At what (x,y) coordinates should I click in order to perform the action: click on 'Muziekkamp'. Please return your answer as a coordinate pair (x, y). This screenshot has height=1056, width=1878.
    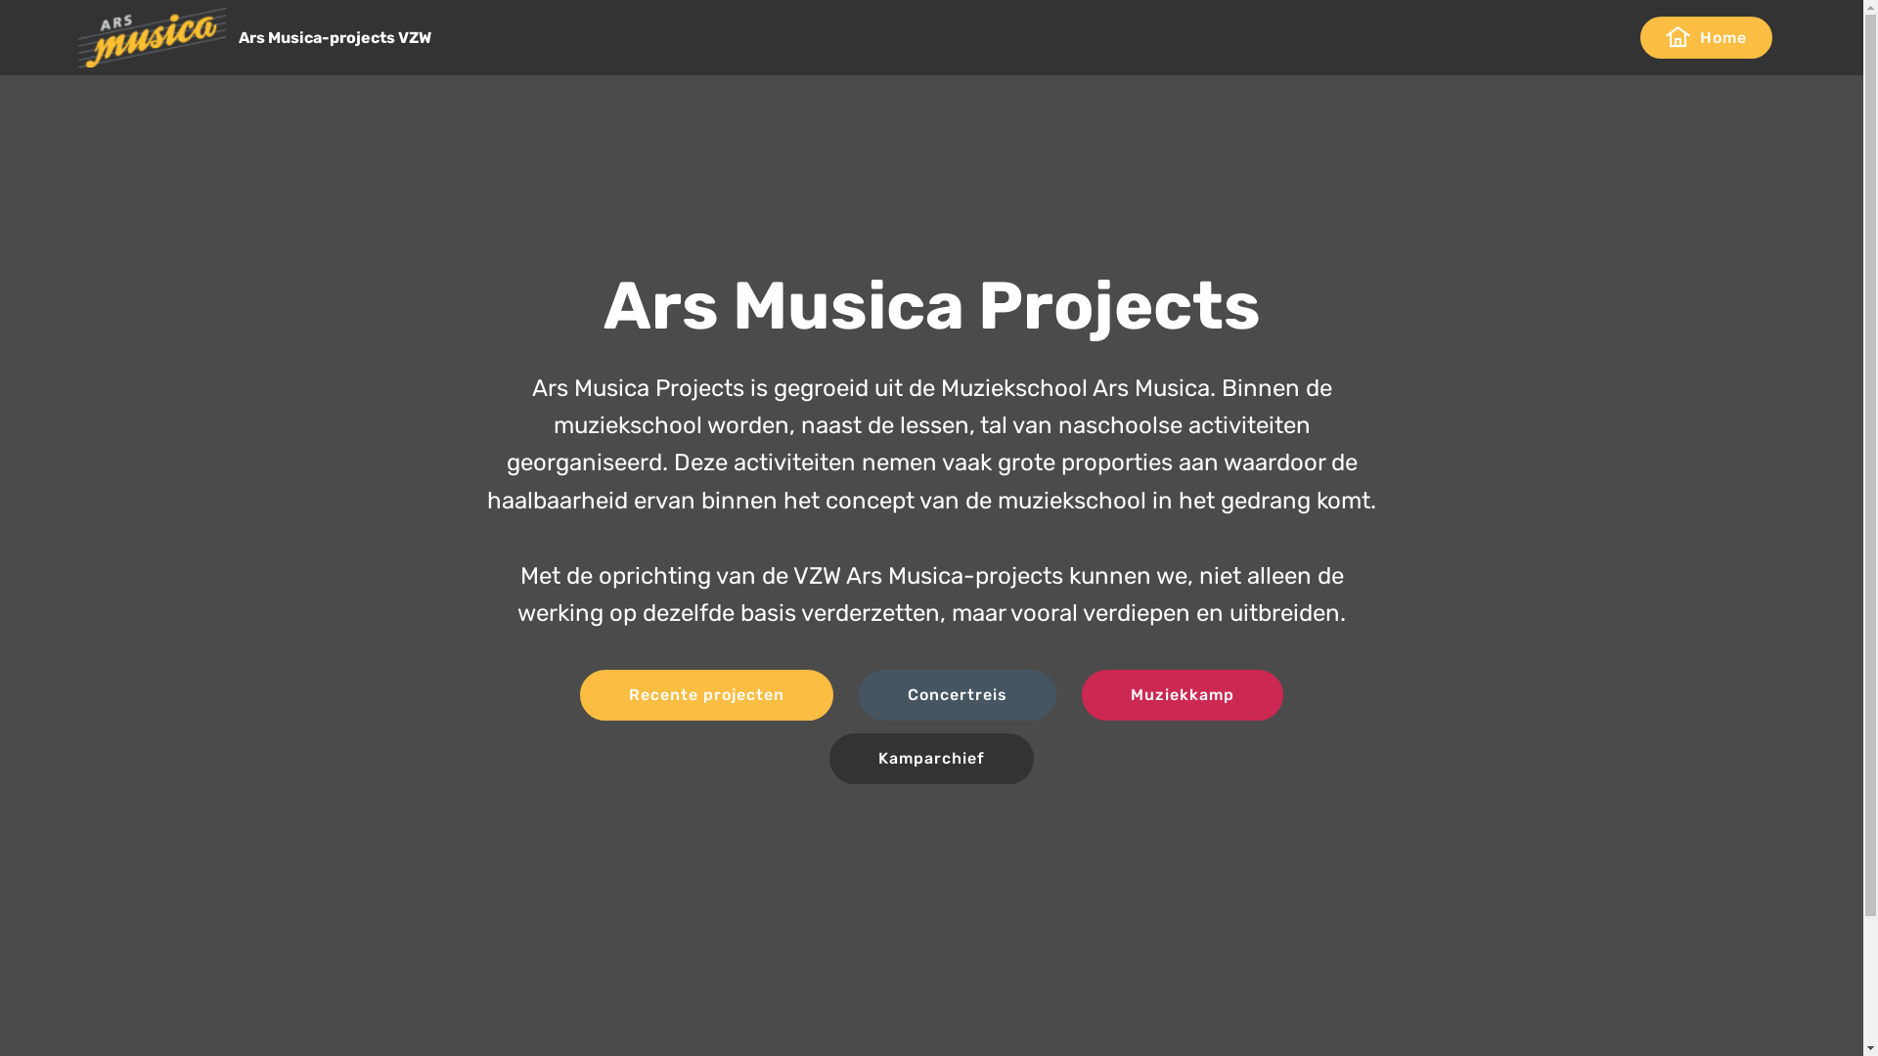
    Looking at the image, I should click on (1182, 693).